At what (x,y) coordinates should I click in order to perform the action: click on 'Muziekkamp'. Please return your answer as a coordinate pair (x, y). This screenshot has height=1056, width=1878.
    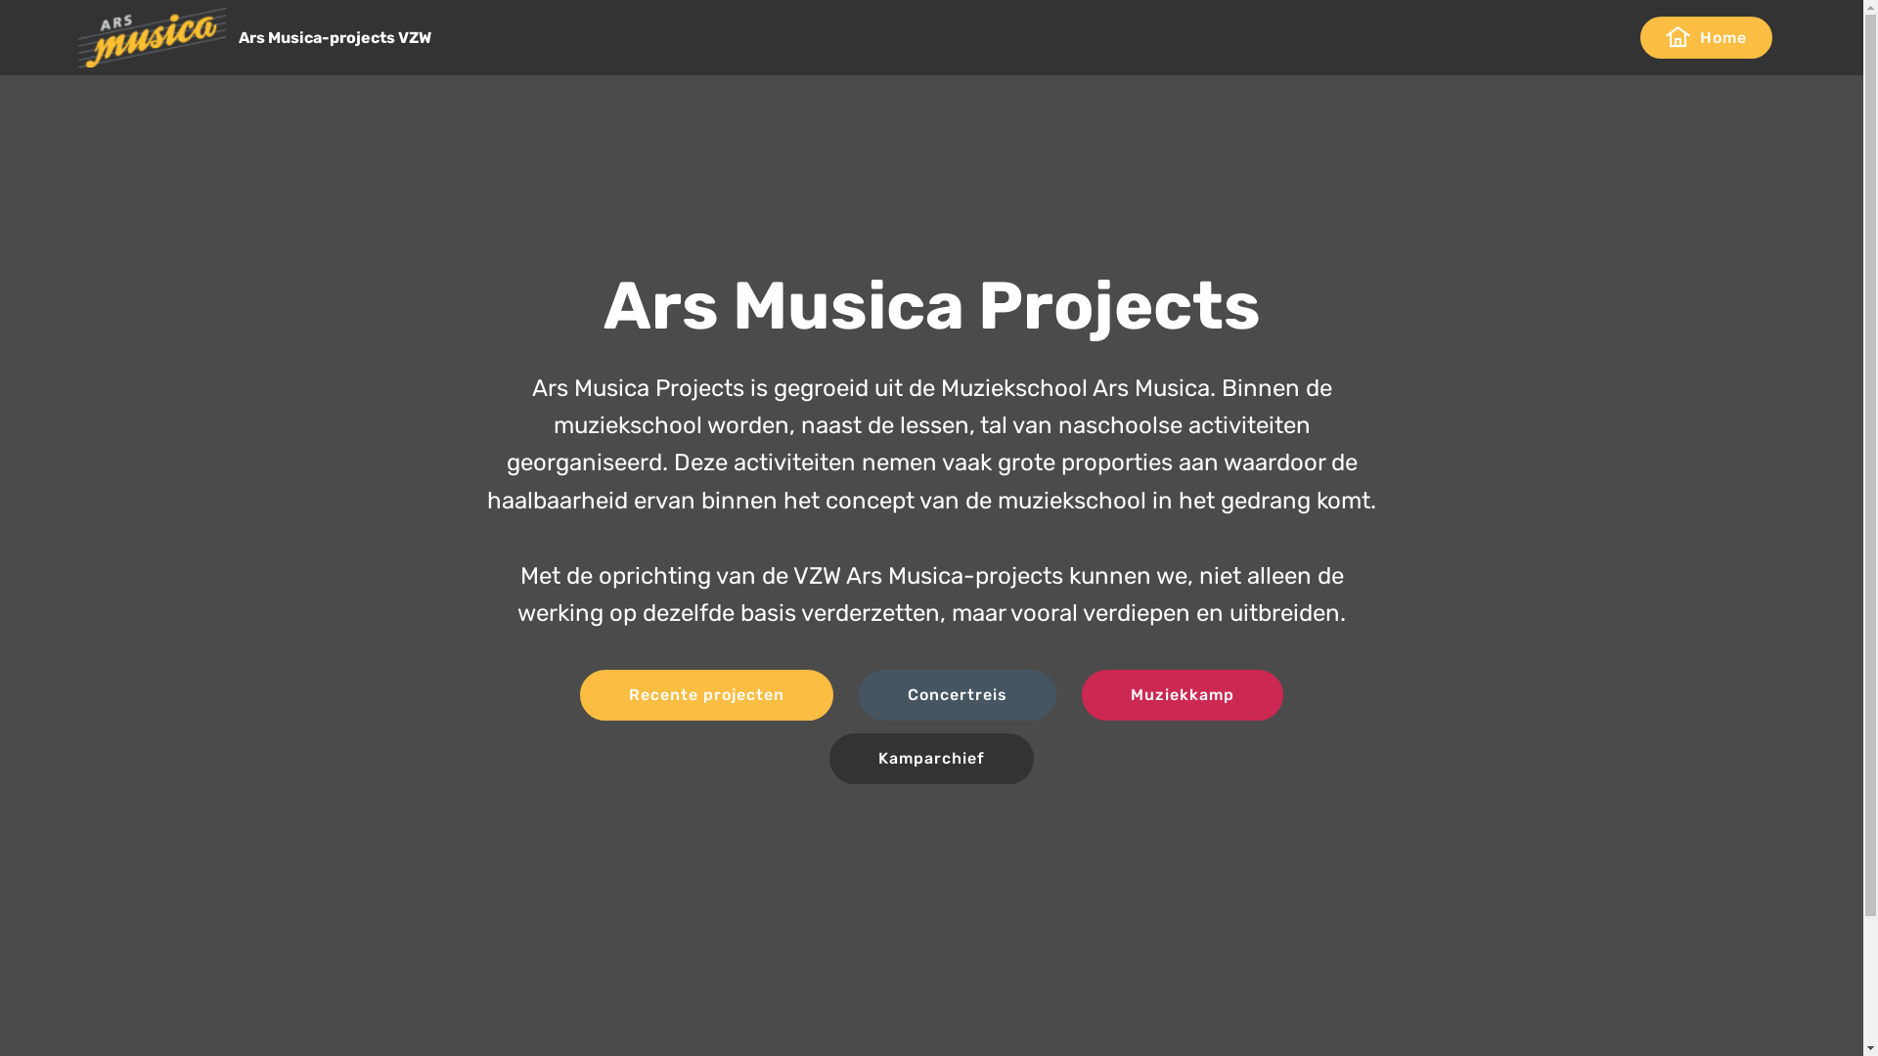
    Looking at the image, I should click on (1182, 693).